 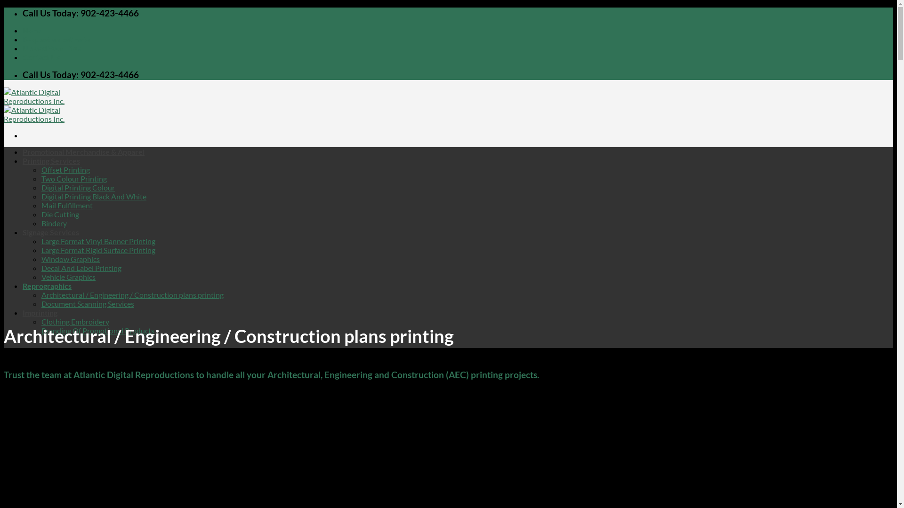 What do you see at coordinates (40, 249) in the screenshot?
I see `'Large Format Rigid Surface Printing'` at bounding box center [40, 249].